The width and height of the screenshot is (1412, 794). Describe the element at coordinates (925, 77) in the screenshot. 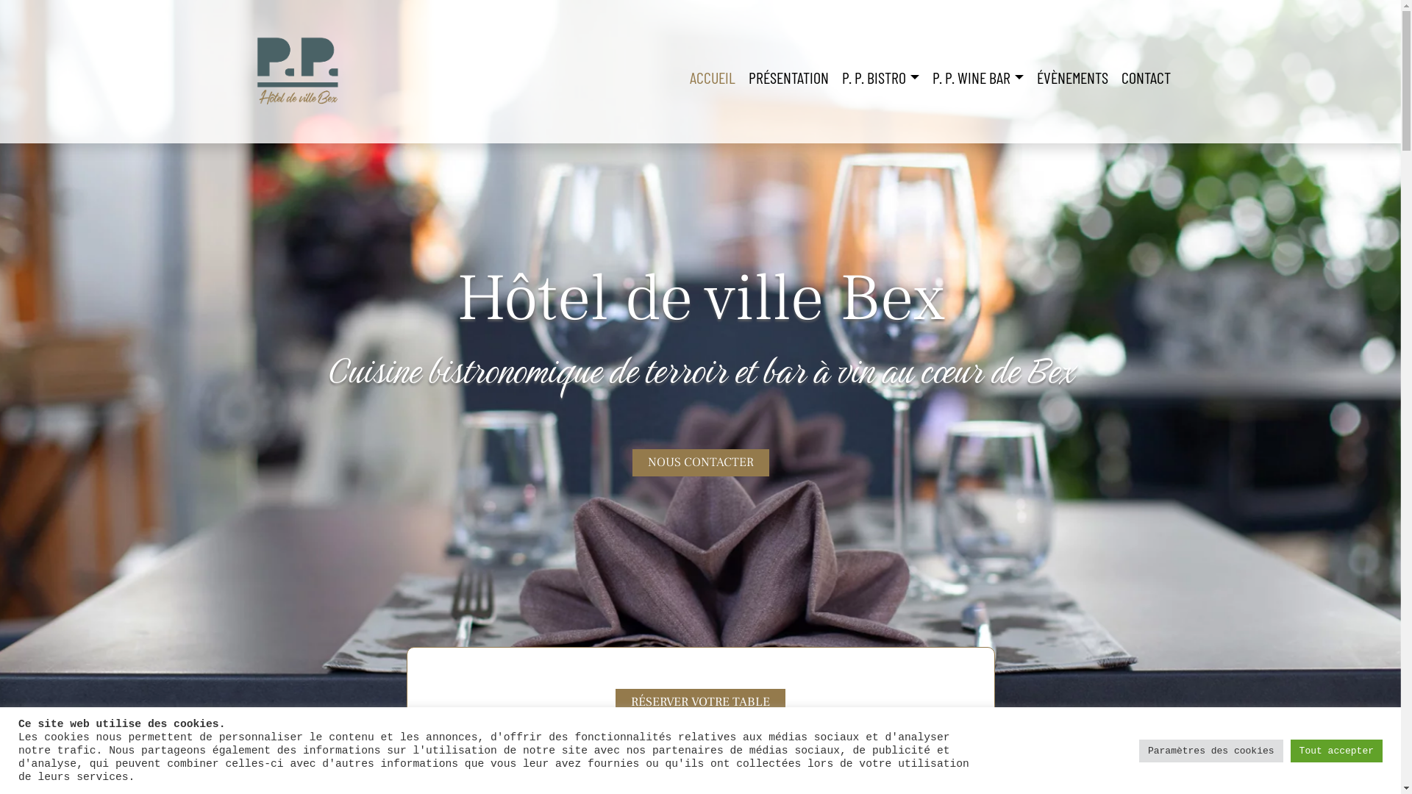

I see `'P. P. WINE BAR'` at that location.